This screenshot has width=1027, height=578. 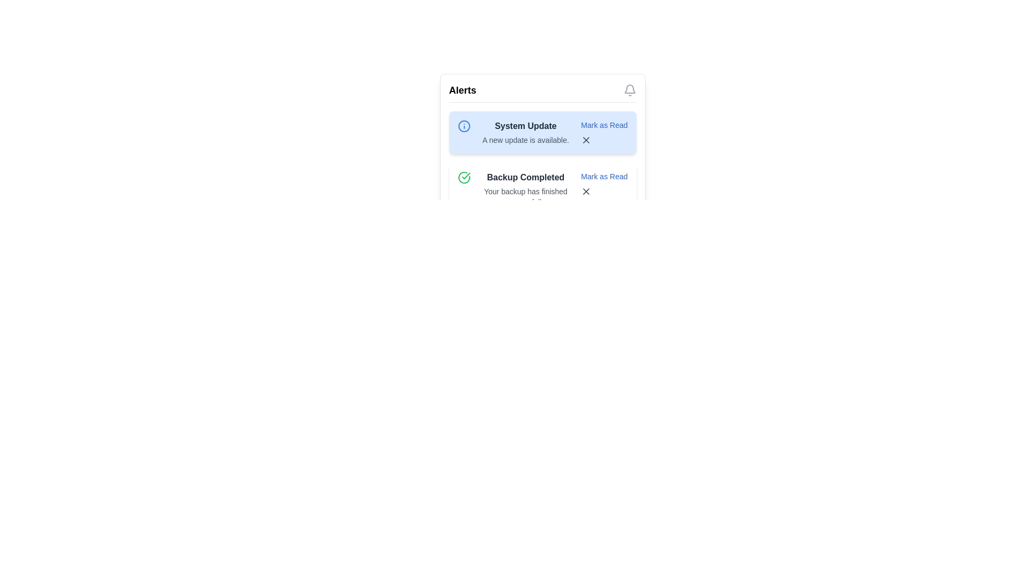 I want to click on the circular outline element representing the 'System Update' notification icon located at the top-left of the notification item, so click(x=464, y=125).